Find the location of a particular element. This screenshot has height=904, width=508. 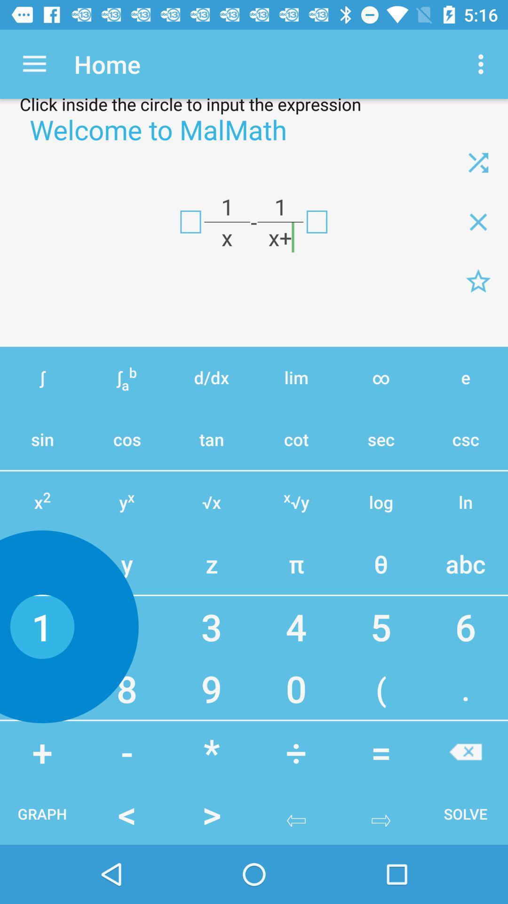

cancel all calculations is located at coordinates (478, 221).